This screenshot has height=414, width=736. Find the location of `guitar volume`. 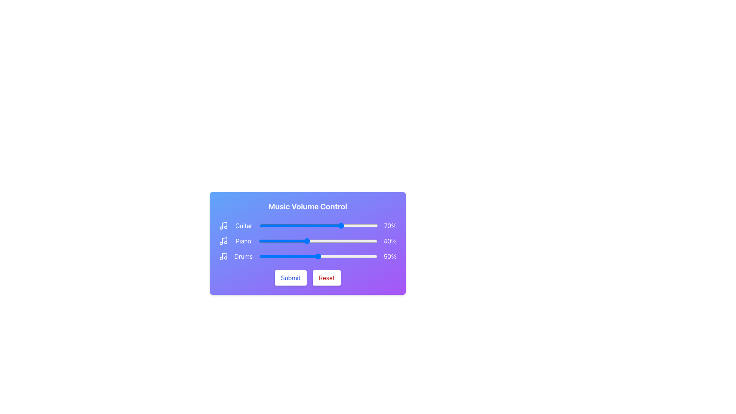

guitar volume is located at coordinates (329, 225).